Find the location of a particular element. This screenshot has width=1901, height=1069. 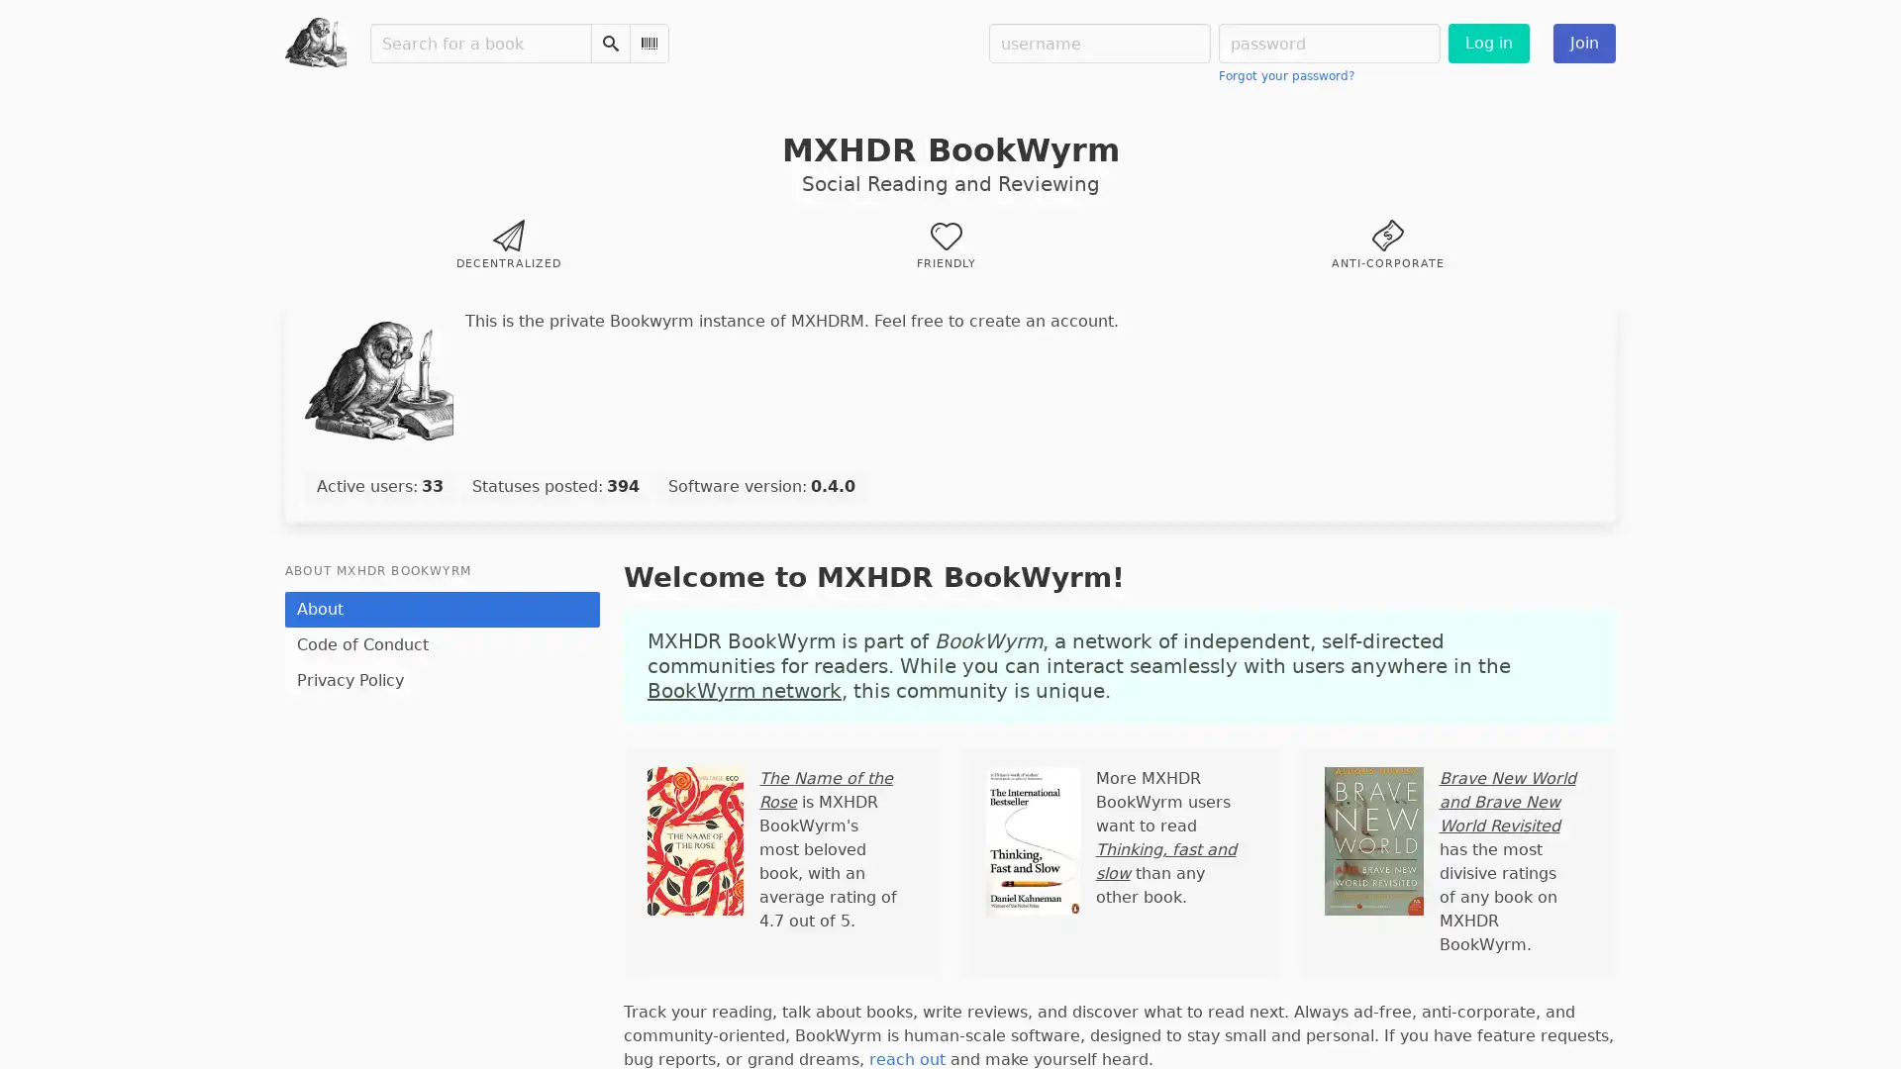

Scan Barcode is located at coordinates (650, 43).